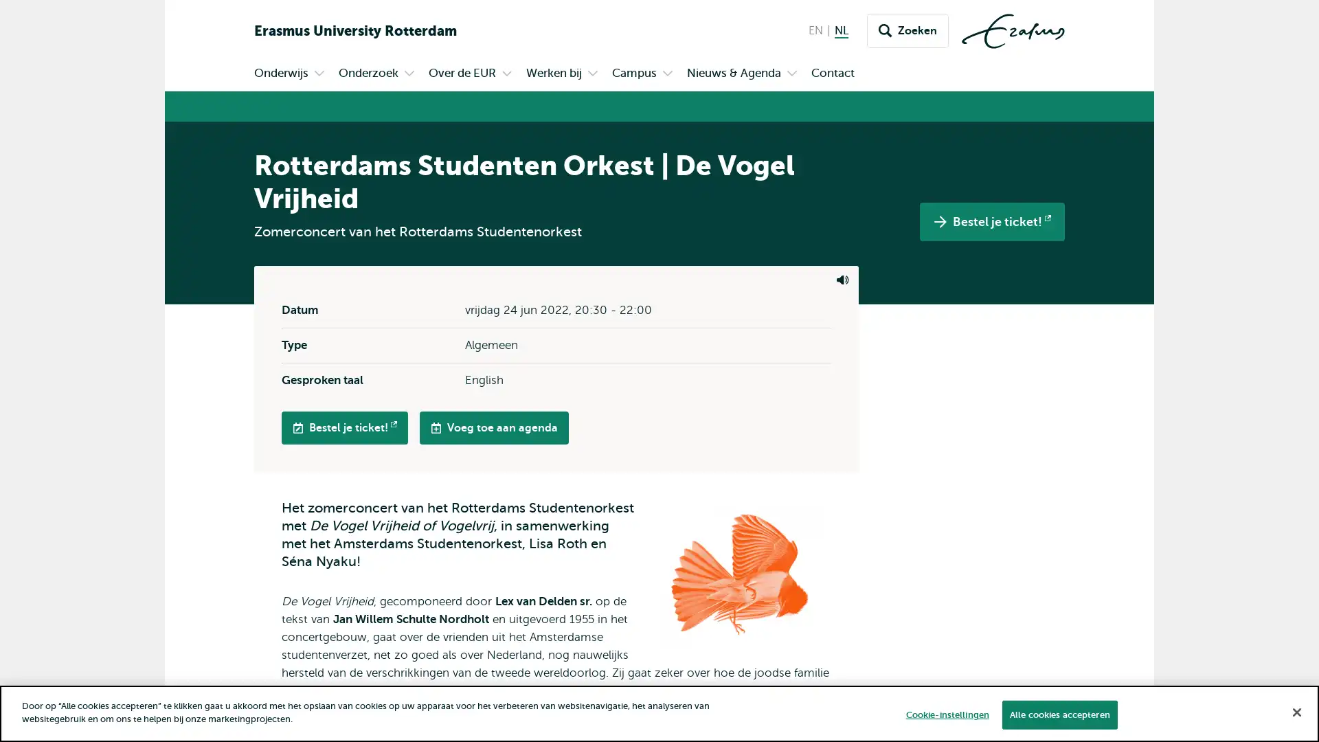 Image resolution: width=1319 pixels, height=742 pixels. I want to click on Open submenu, so click(593, 74).